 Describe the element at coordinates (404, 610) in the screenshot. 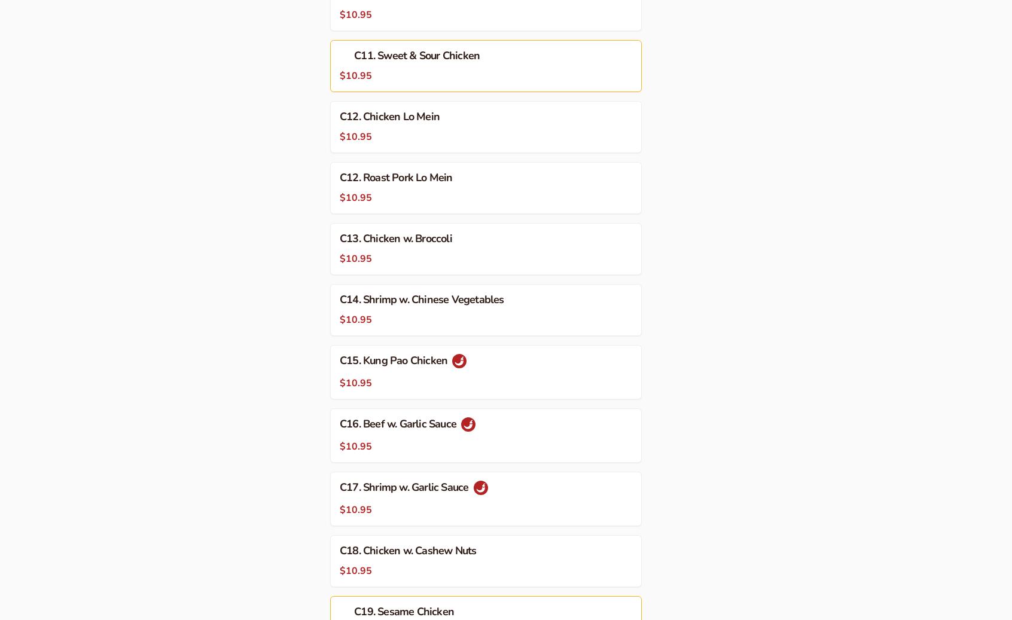

I see `'C19. Sesame Chicken'` at that location.